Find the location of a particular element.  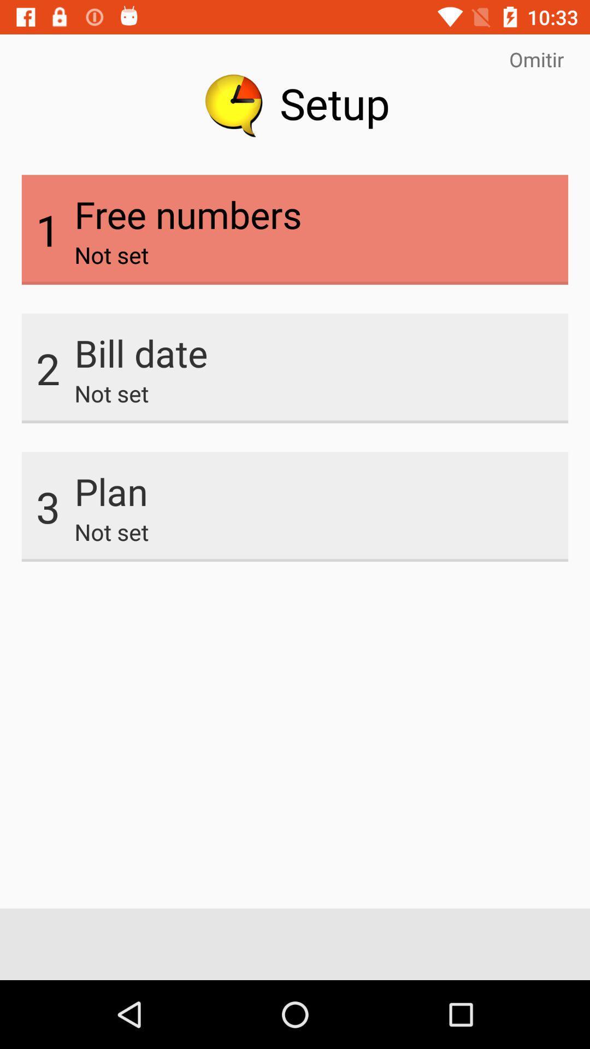

omitir is located at coordinates (536, 58).